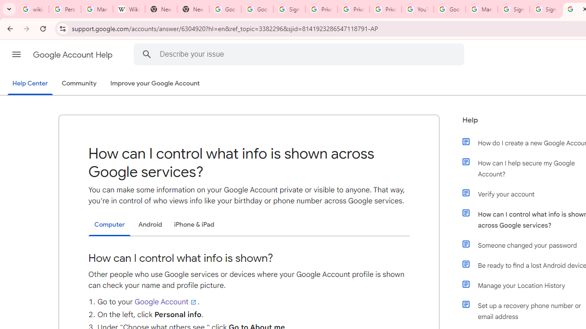  What do you see at coordinates (194, 224) in the screenshot?
I see `'iPhone & iPad'` at bounding box center [194, 224].